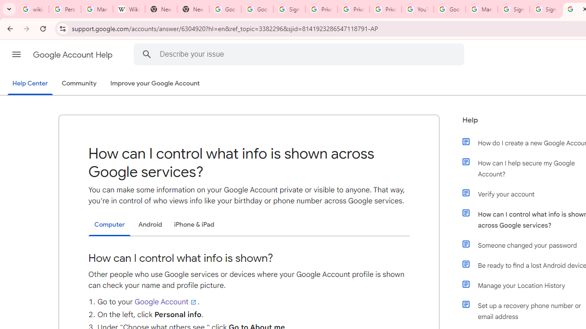  What do you see at coordinates (194, 224) in the screenshot?
I see `'iPhone & iPad'` at bounding box center [194, 224].